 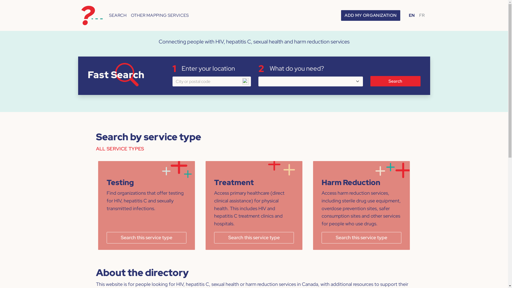 I want to click on 'Search this service type', so click(x=254, y=237).